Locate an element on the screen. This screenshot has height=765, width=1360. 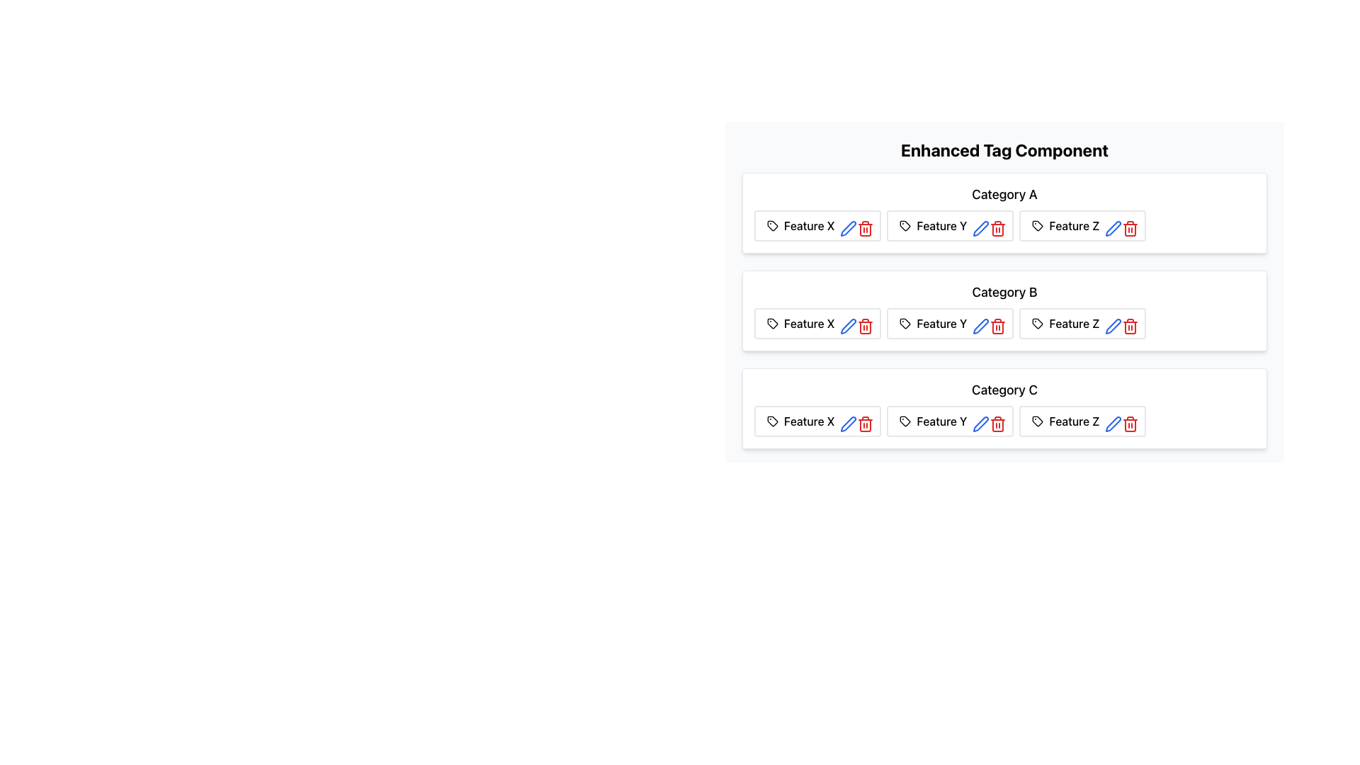
the delete button located in the upper-right corner of 'Feature X', which is the third icon in the row is located at coordinates (862, 225).